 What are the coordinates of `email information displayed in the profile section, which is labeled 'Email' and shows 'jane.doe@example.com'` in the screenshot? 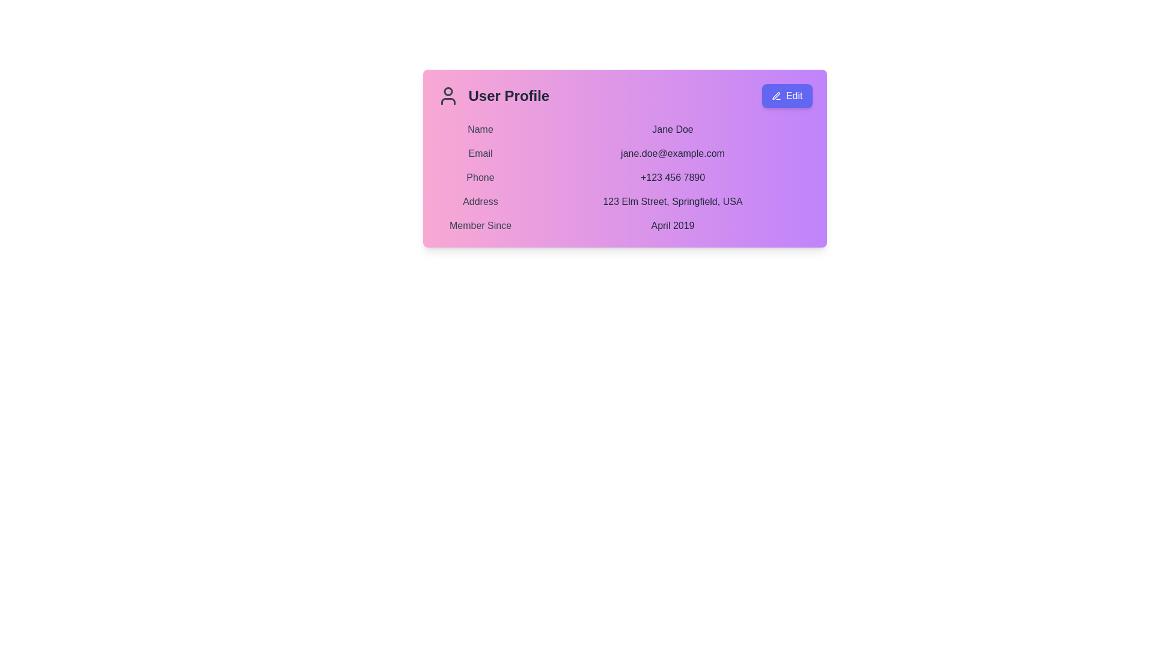 It's located at (624, 153).